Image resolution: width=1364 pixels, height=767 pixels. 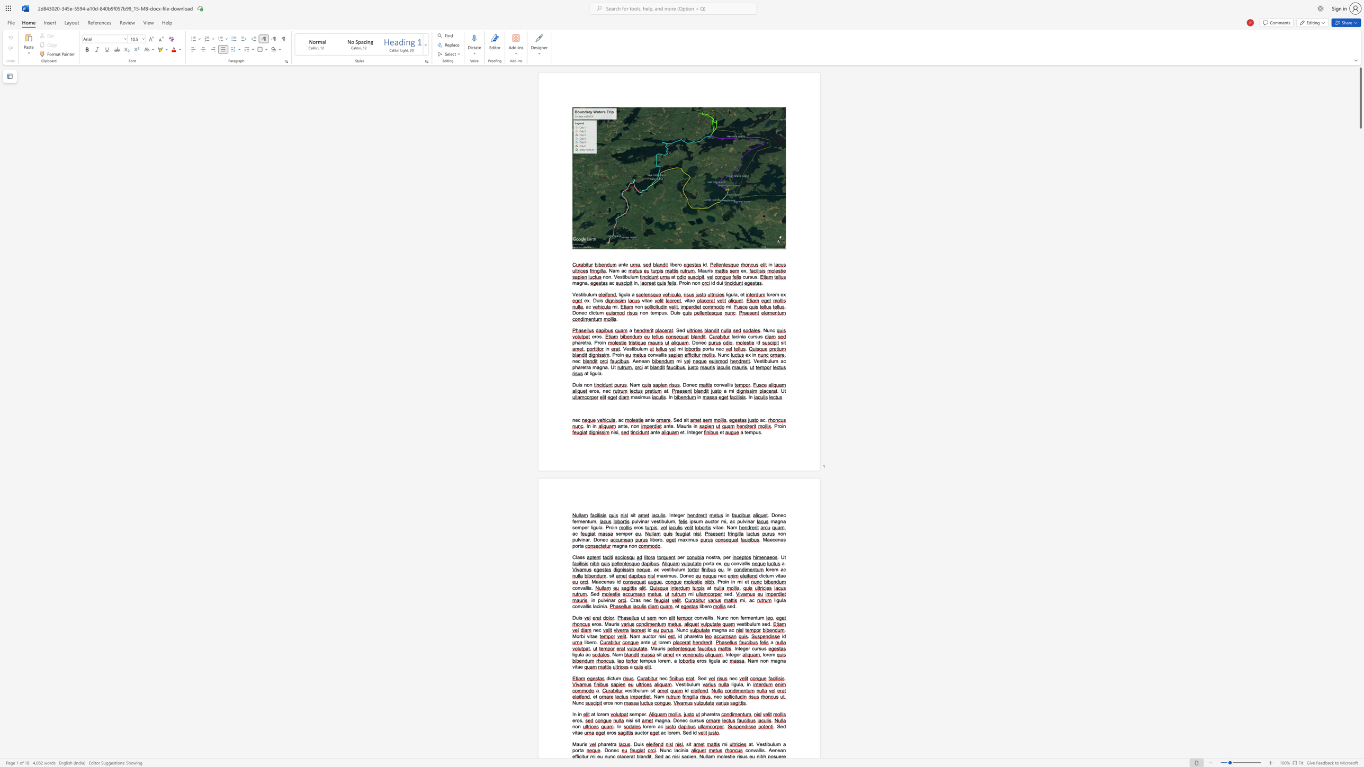 What do you see at coordinates (582, 539) in the screenshot?
I see `the 1th character "i" in the text` at bounding box center [582, 539].